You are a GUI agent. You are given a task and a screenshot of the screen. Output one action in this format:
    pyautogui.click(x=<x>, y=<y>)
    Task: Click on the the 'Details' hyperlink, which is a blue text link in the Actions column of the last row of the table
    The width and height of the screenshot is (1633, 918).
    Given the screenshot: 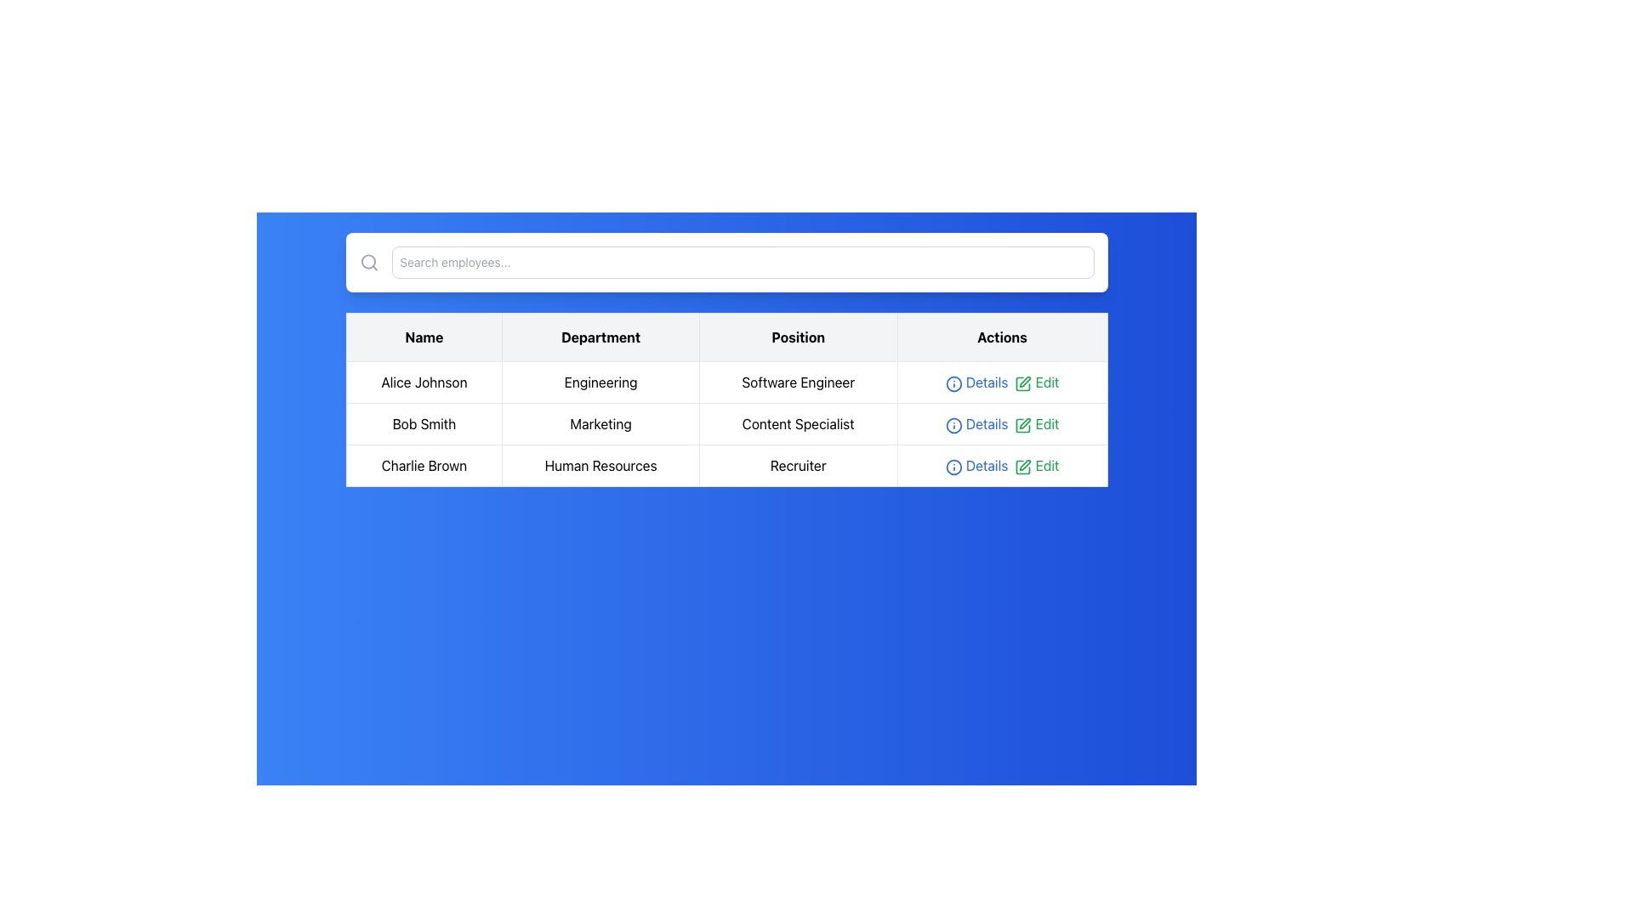 What is the action you would take?
    pyautogui.click(x=976, y=465)
    